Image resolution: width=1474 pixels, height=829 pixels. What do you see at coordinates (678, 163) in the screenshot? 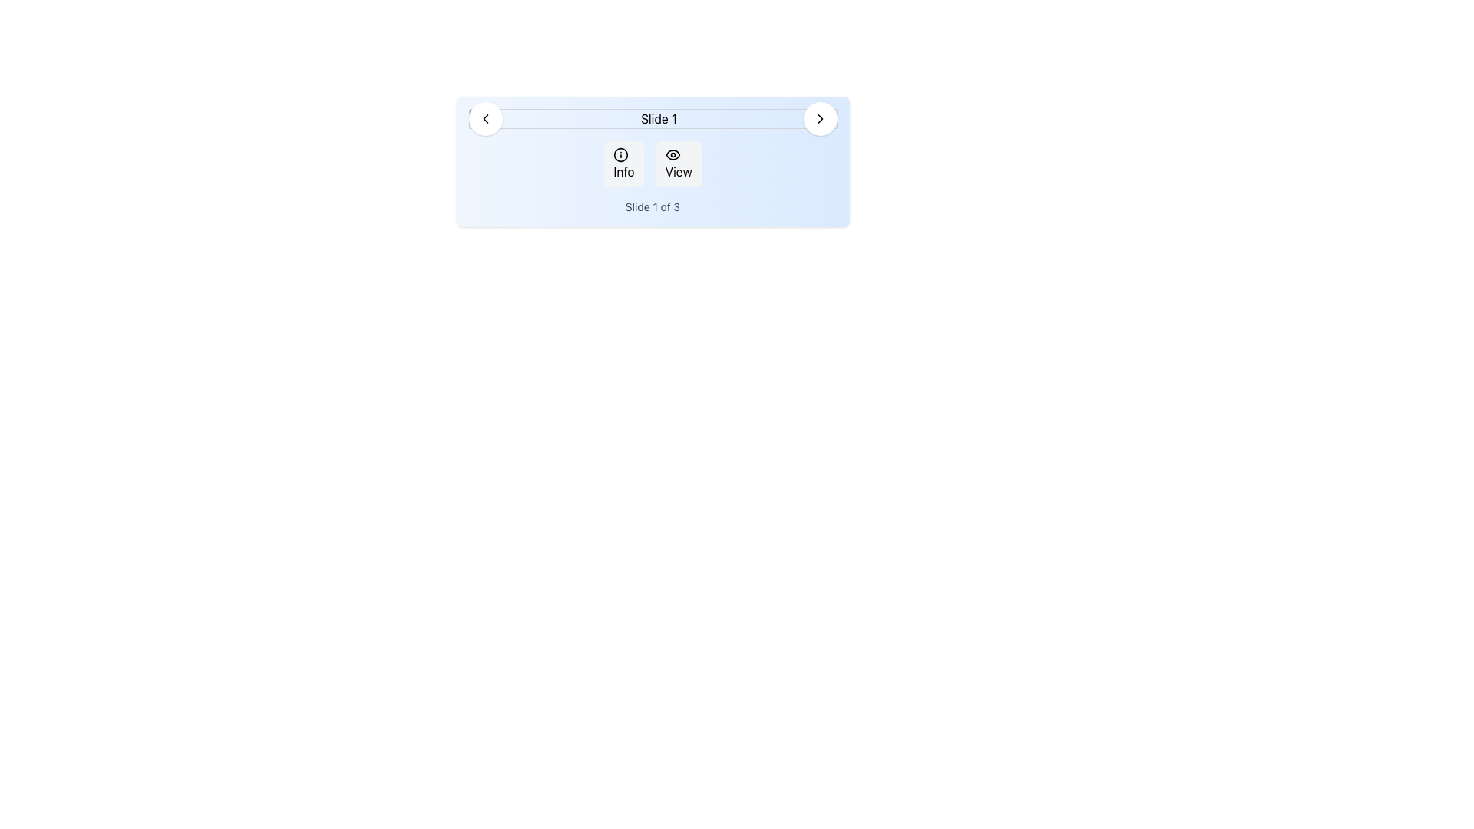
I see `the 'View' button located to the right of the 'Info' button` at bounding box center [678, 163].